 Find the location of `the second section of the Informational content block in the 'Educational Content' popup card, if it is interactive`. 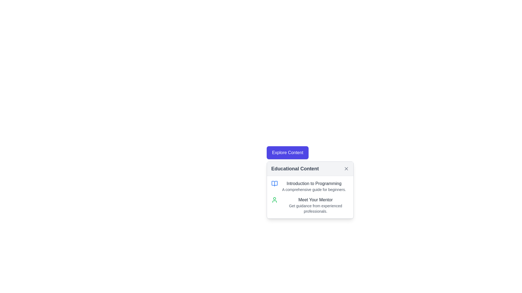

the second section of the Informational content block in the 'Educational Content' popup card, if it is interactive is located at coordinates (310, 197).